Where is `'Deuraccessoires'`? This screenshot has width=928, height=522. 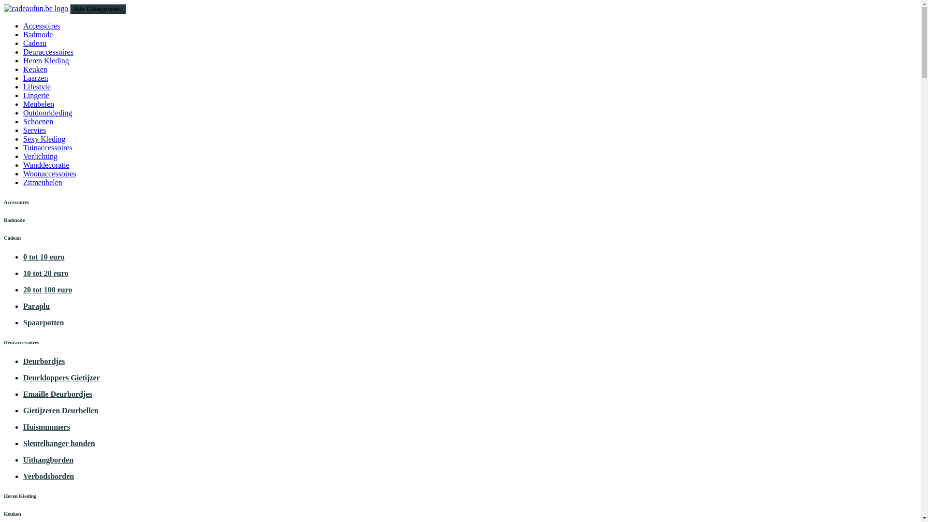 'Deuraccessoires' is located at coordinates (48, 52).